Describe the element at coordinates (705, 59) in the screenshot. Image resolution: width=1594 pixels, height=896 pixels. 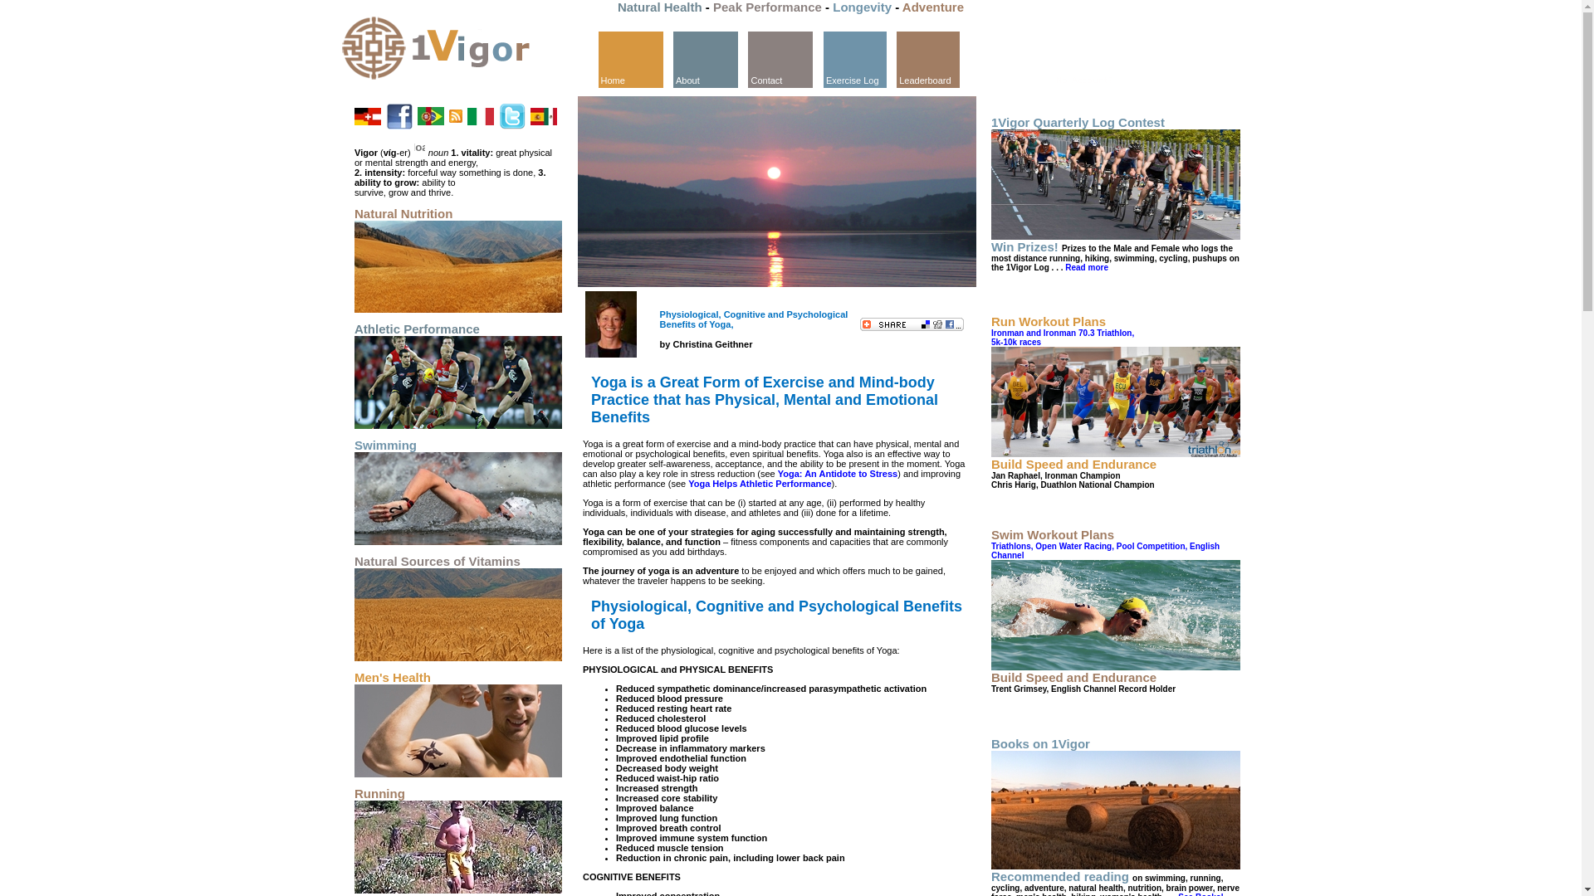
I see `'About'` at that location.